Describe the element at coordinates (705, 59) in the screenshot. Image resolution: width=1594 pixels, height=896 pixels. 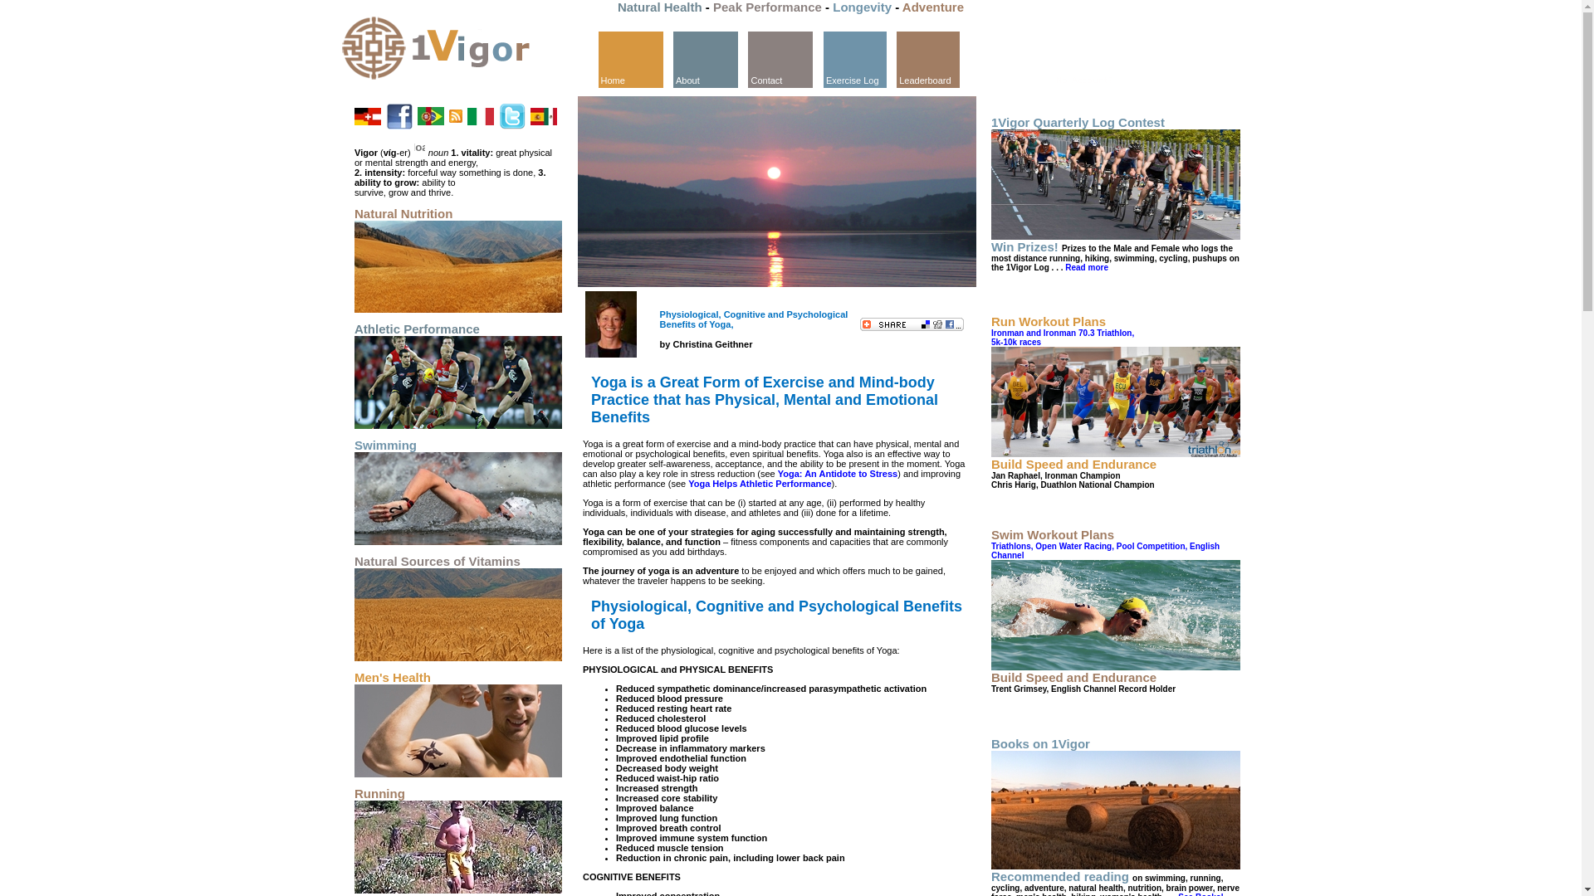
I see `'About'` at that location.